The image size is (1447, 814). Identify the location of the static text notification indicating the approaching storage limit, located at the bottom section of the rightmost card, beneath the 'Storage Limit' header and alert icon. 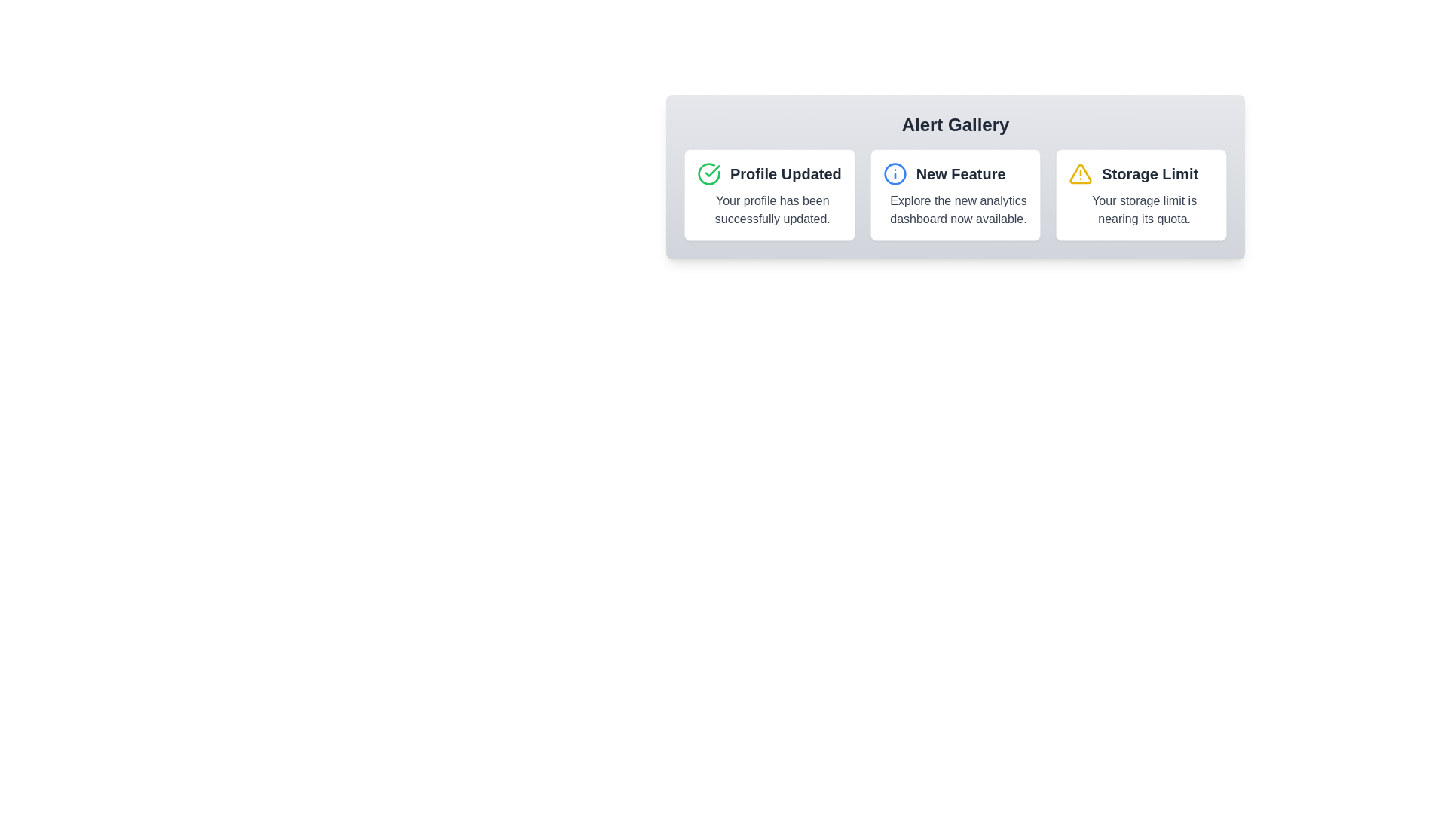
(1144, 210).